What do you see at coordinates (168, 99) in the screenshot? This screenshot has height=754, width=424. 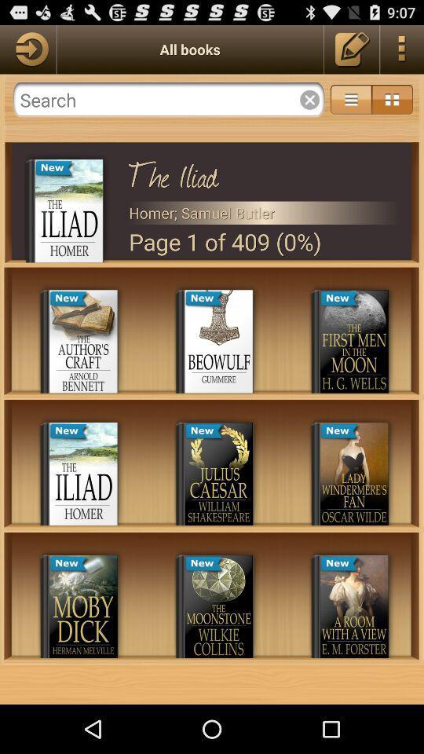 I see `the app below the all books icon` at bounding box center [168, 99].